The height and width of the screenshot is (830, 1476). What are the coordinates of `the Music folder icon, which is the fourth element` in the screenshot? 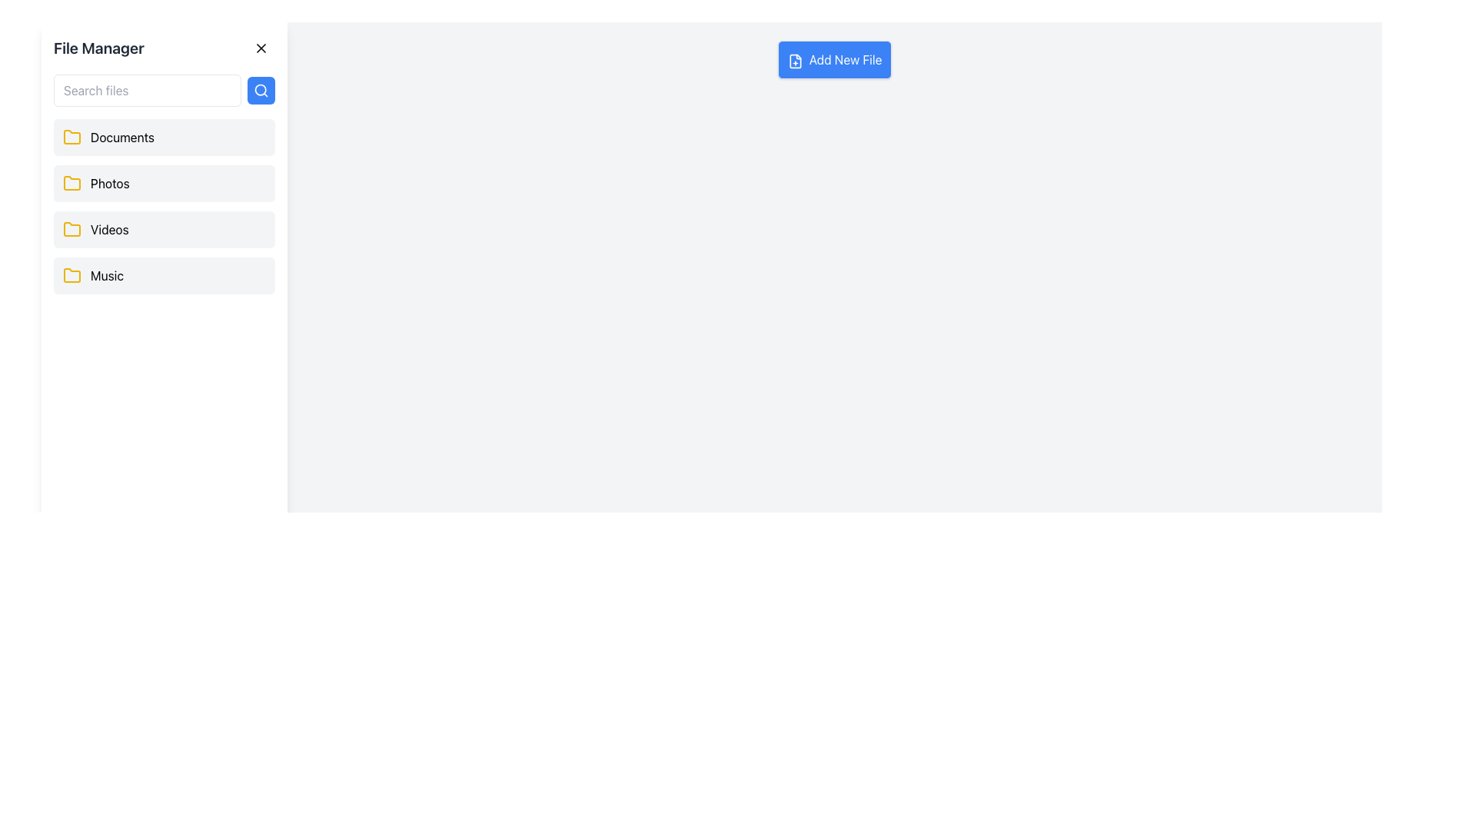 It's located at (71, 274).